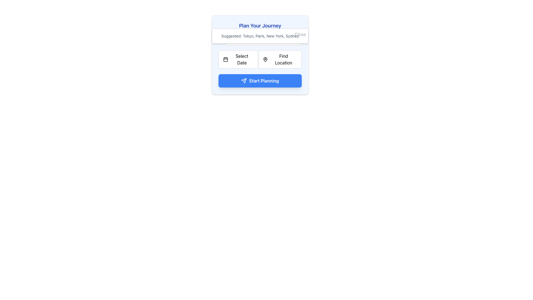 This screenshot has height=300, width=533. What do you see at coordinates (260, 59) in the screenshot?
I see `the grouped element containing two interactive buttons` at bounding box center [260, 59].